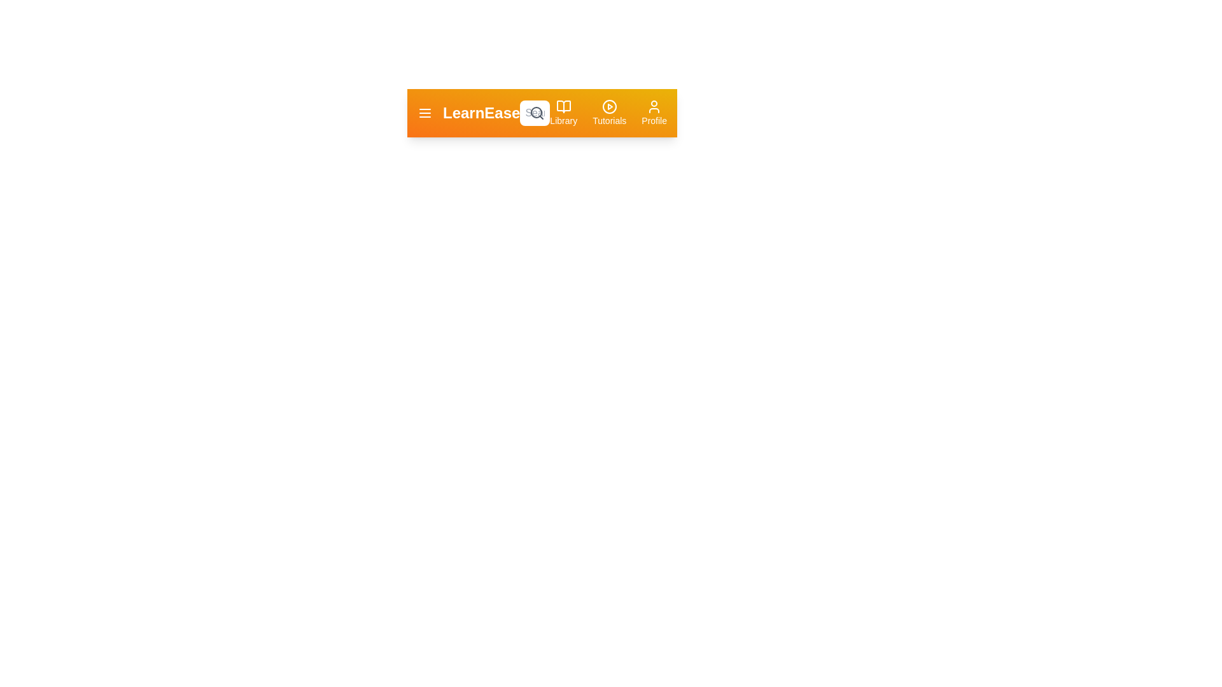 The image size is (1222, 687). Describe the element at coordinates (425, 112) in the screenshot. I see `the menu button to open the navigation menu` at that location.